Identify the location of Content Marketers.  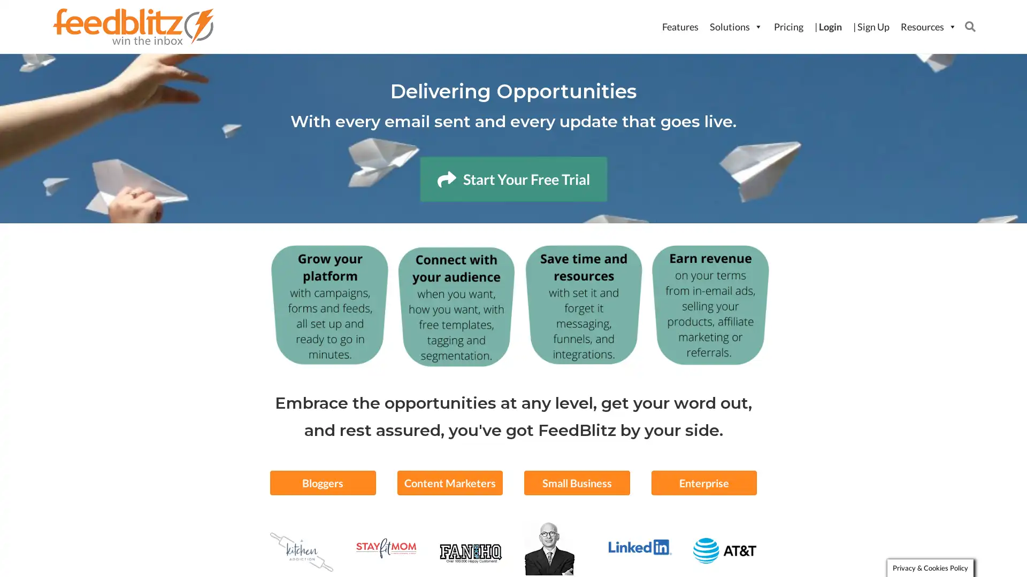
(449, 482).